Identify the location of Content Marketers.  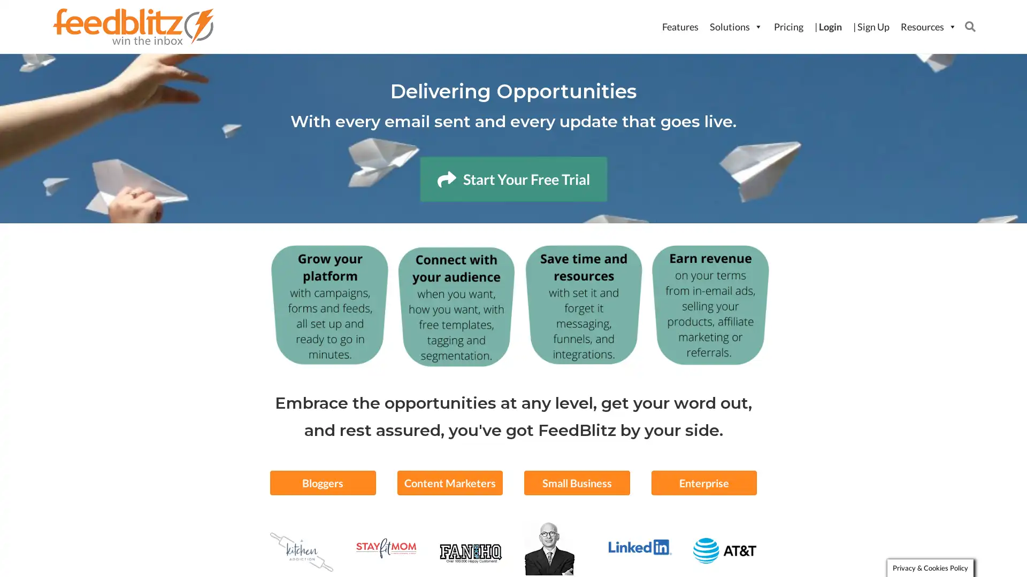
(449, 482).